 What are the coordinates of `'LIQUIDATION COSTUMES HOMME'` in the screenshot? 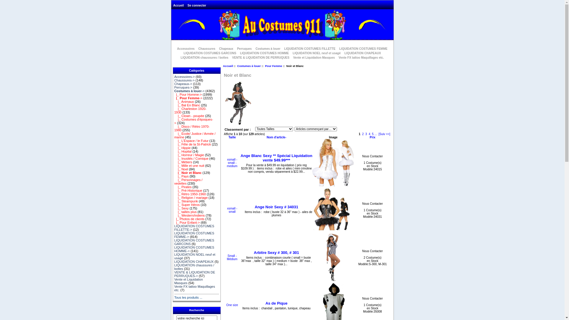 It's located at (264, 53).